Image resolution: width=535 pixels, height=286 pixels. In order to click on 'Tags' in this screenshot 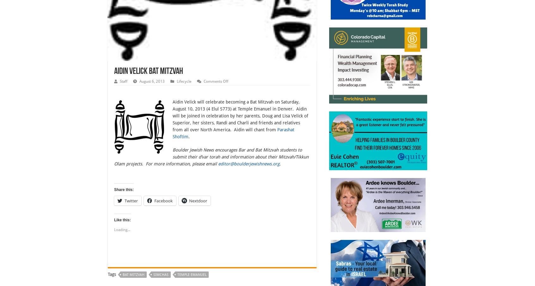, I will do `click(112, 274)`.